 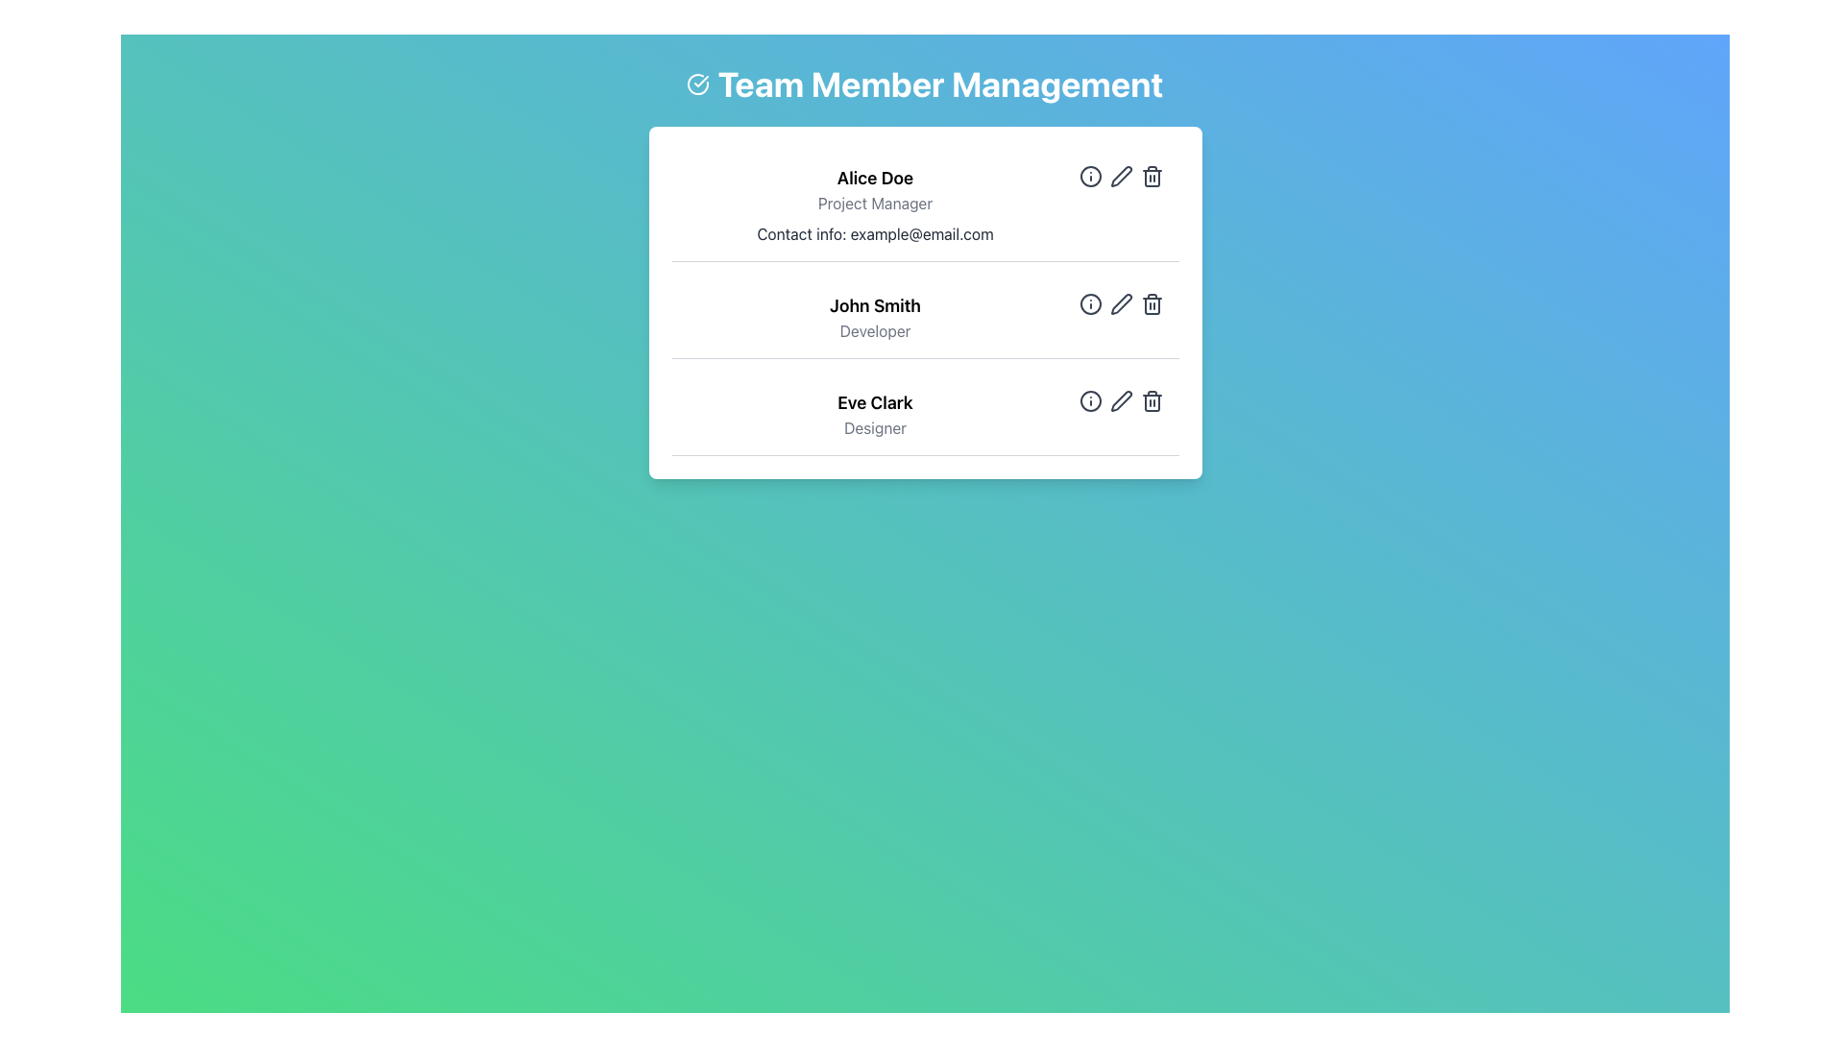 I want to click on the Text label displaying the job title for 'Alice Doe', which is located below the name and above the contact information, so click(x=874, y=204).